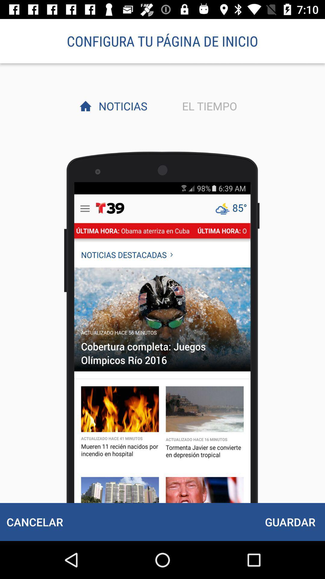 The height and width of the screenshot is (579, 325). Describe the element at coordinates (121, 106) in the screenshot. I see `item next to the el tiempo item` at that location.